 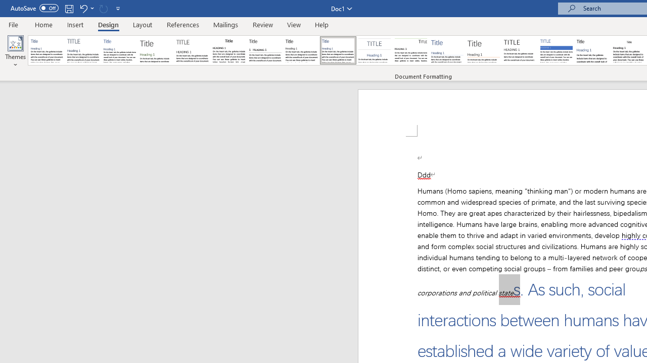 I want to click on 'Undo Outline Move Up', so click(x=86, y=8).